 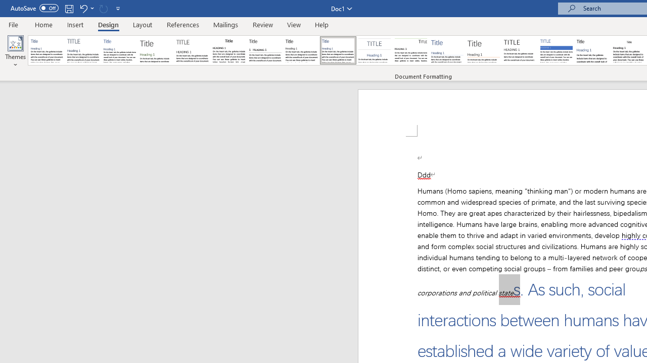 I want to click on 'Undo Outline Move Up', so click(x=86, y=8).